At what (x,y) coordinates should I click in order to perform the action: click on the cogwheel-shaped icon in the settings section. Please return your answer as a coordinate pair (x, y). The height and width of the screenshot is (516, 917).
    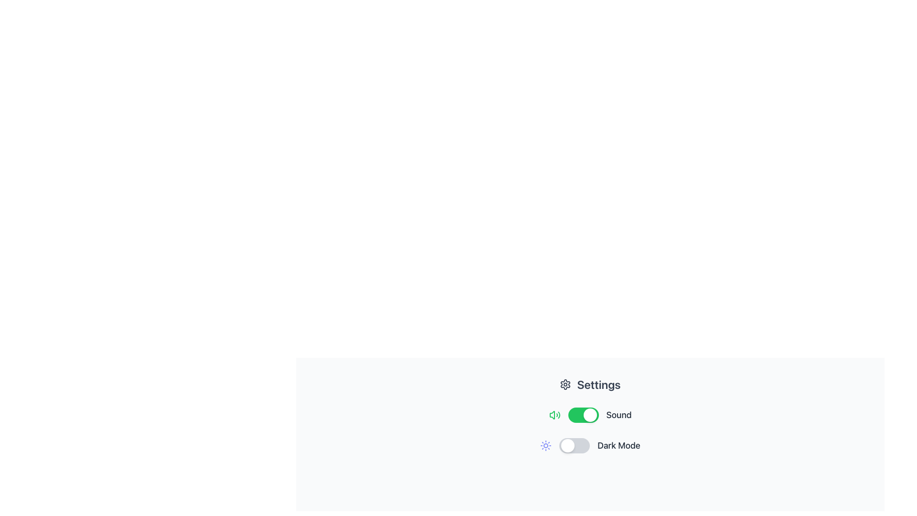
    Looking at the image, I should click on (565, 384).